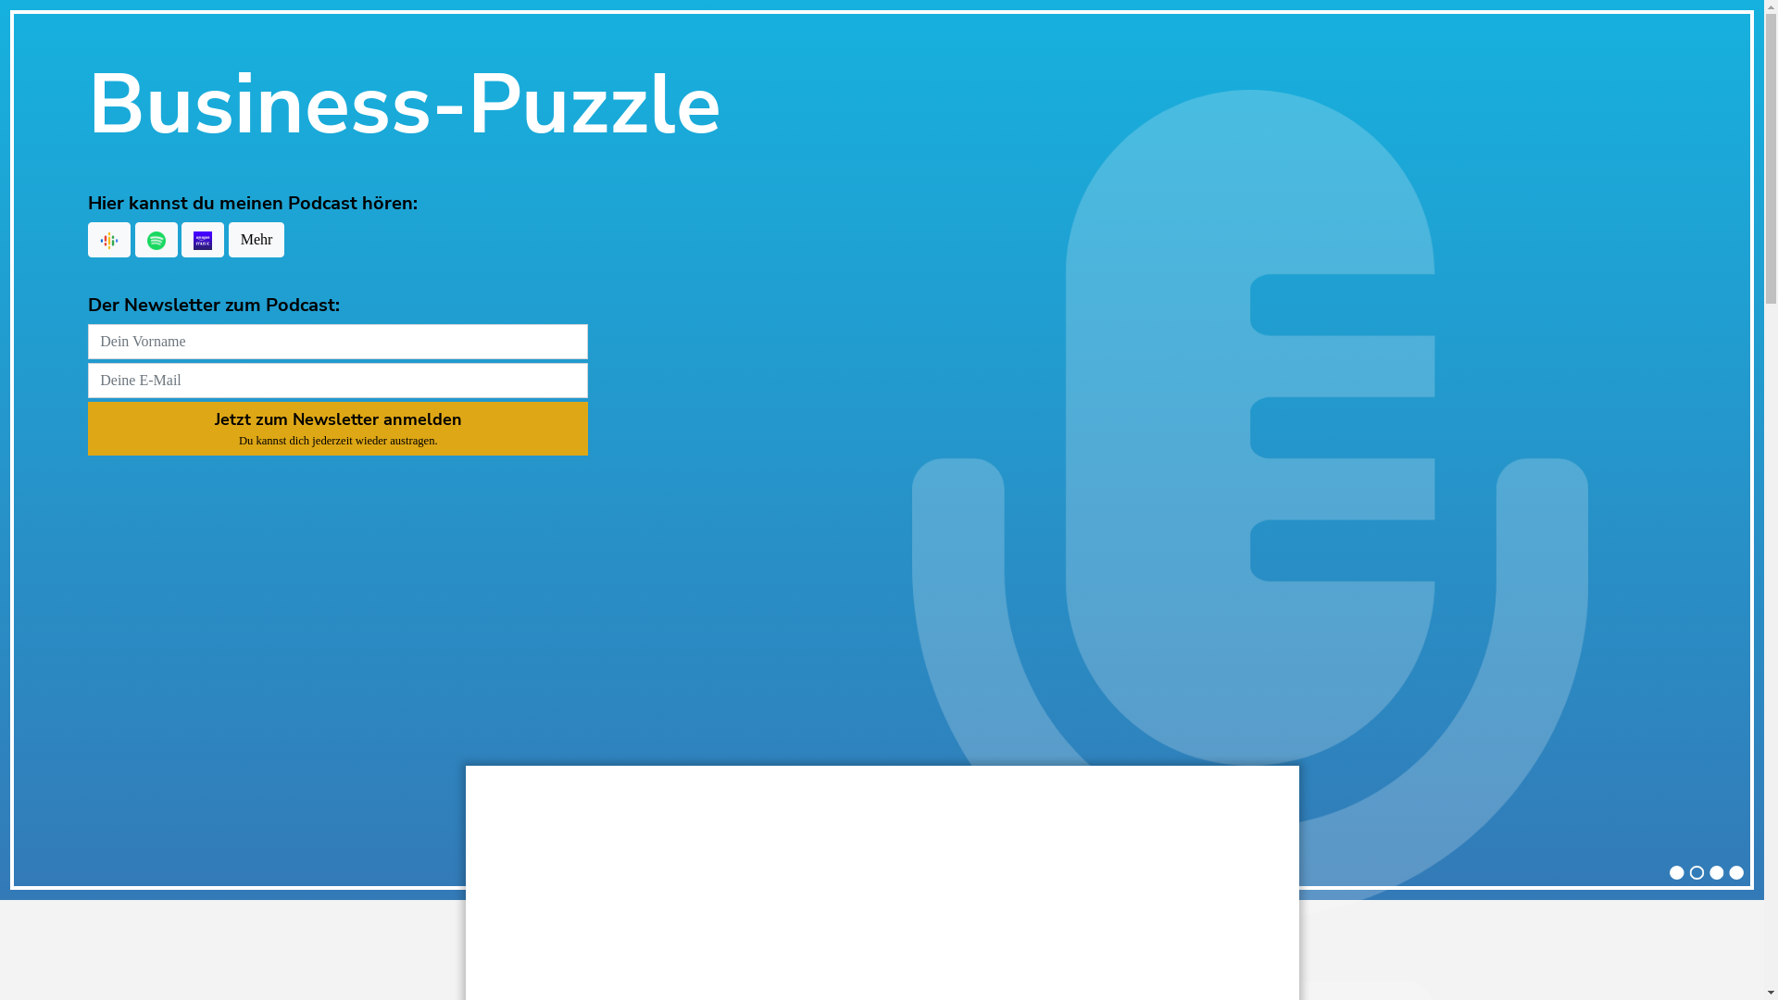  Describe the element at coordinates (256, 238) in the screenshot. I see `'Mehr'` at that location.